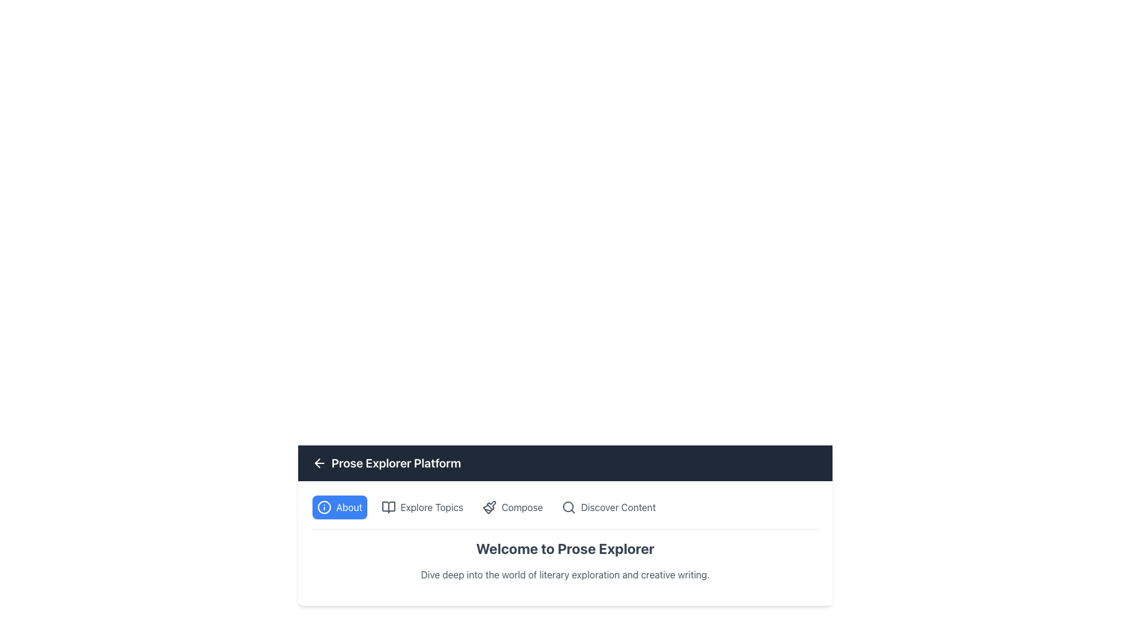 Image resolution: width=1145 pixels, height=644 pixels. Describe the element at coordinates (565, 574) in the screenshot. I see `the static text that reads 'Dive deep into the world of literary exploration and creative writing.' positioned below the title 'Welcome to Prose Explorer.'` at that location.